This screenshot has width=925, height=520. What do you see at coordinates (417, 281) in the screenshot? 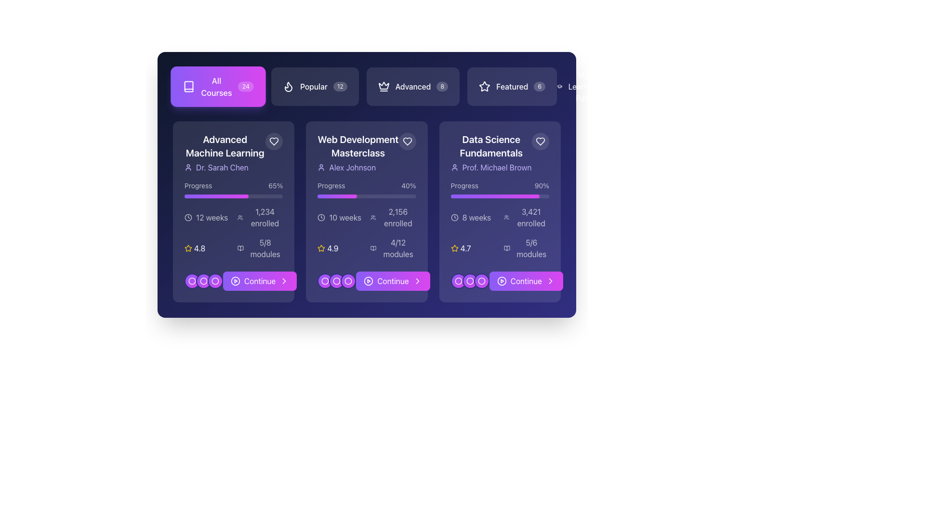
I see `the Chevron icon located at the far-right edge of the 'Continue' button within the 'Web Development Masterclass' card` at bounding box center [417, 281].